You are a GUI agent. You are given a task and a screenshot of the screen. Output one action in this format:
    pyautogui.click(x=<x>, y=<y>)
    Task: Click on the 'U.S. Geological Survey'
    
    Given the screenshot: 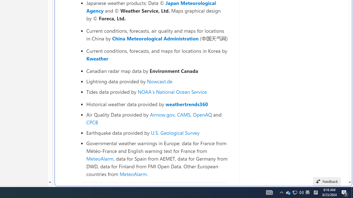 What is the action you would take?
    pyautogui.click(x=175, y=133)
    